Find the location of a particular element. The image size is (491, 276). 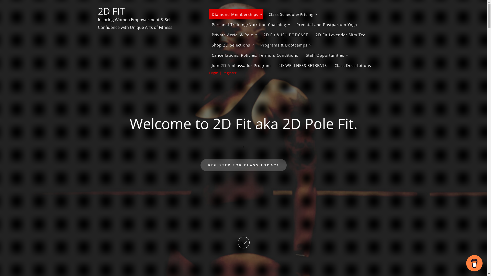

'2D WELLNESS RETREATS' is located at coordinates (275, 65).